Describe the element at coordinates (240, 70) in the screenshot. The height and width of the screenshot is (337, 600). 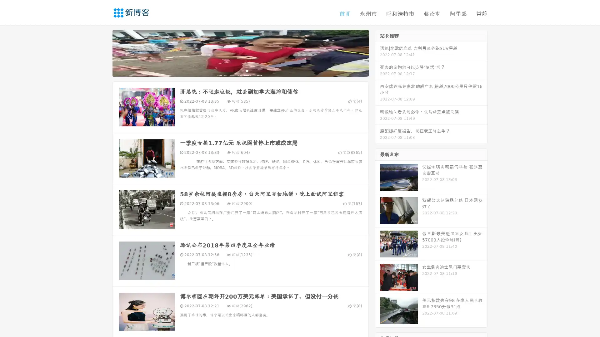
I see `Go to slide 2` at that location.